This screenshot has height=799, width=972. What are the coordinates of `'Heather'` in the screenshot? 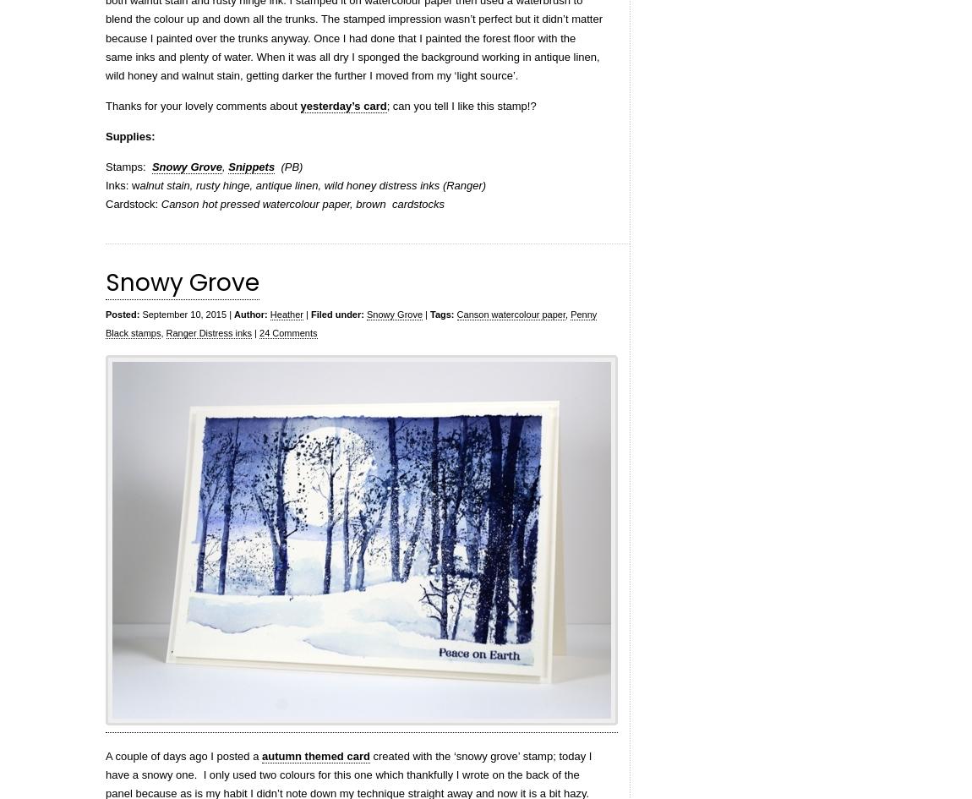 It's located at (287, 314).